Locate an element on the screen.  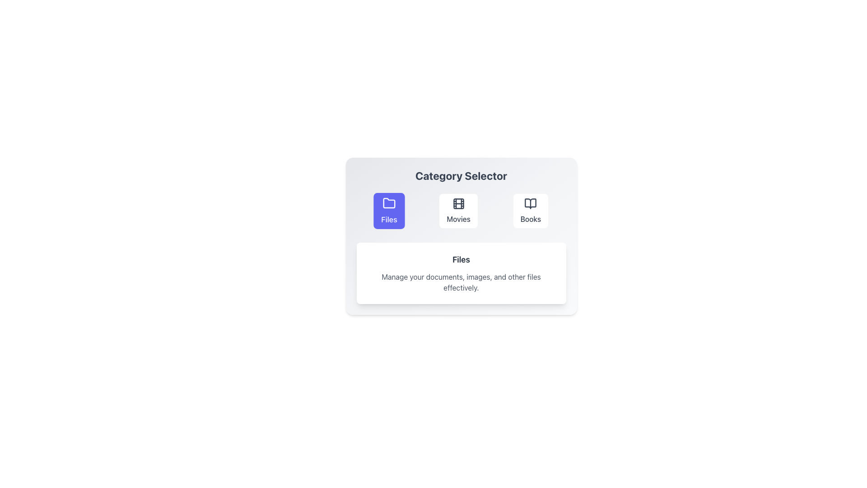
the text element that provides a brief summary or description about the 'Files' section, which is positioned centrally below the 'Files' title text is located at coordinates (461, 282).